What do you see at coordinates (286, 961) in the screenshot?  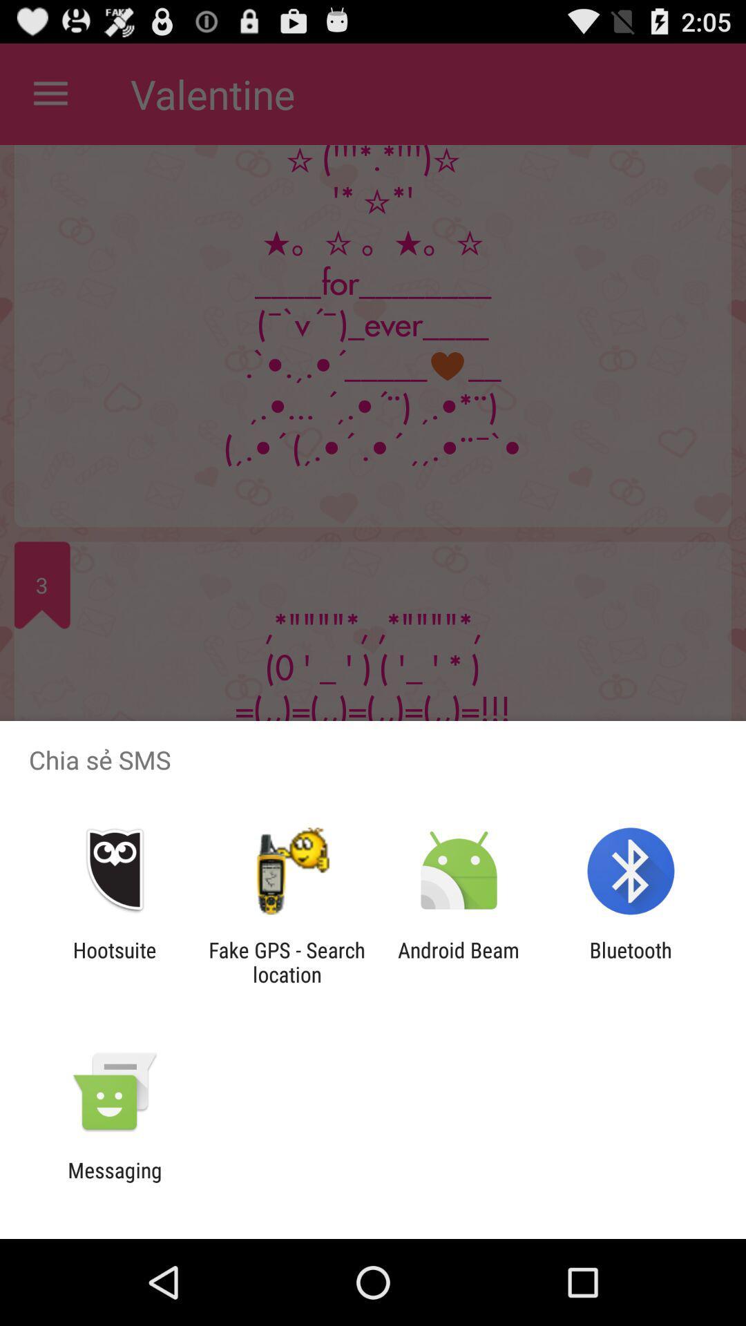 I see `the icon to the left of the android beam item` at bounding box center [286, 961].